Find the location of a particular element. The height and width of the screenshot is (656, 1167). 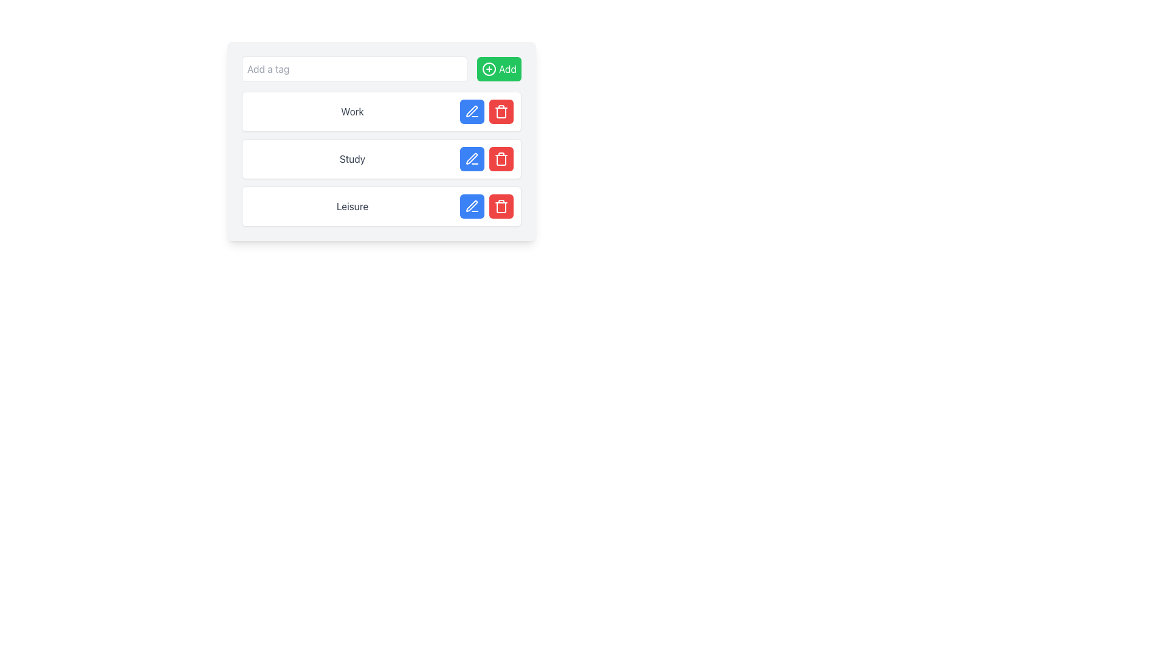

the small red delete button with a trash bin icon located to the right of the 'Work' text is located at coordinates (501, 112).